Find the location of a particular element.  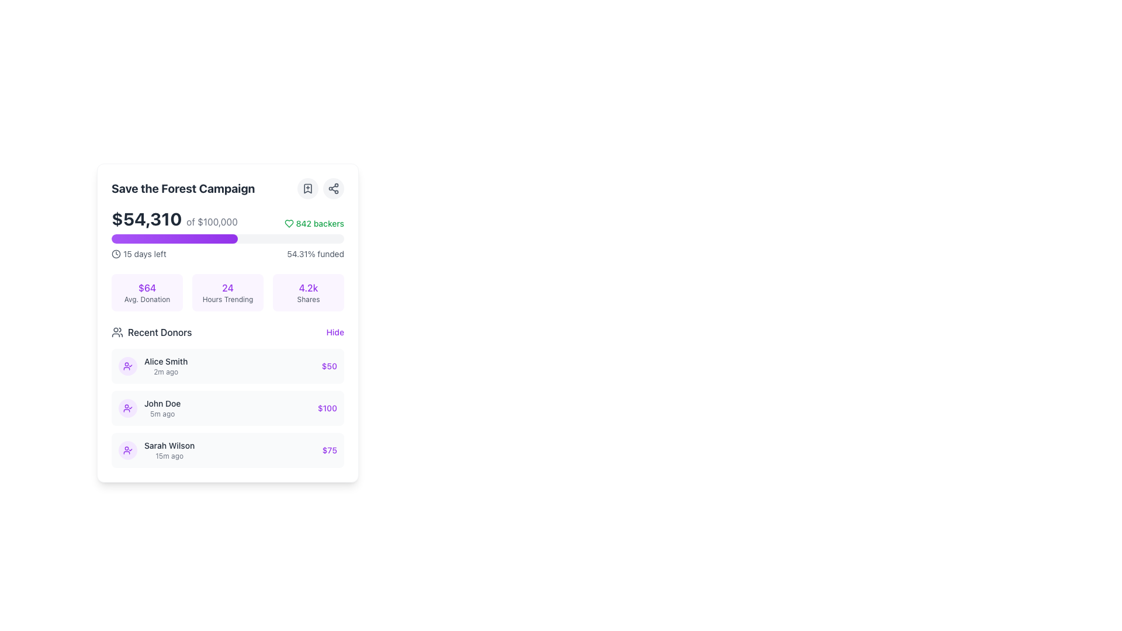

the Avatar icon representing the user associated with the 'John Doe 5m ago' donation entry in the 'Recent Donors' section is located at coordinates (128, 407).